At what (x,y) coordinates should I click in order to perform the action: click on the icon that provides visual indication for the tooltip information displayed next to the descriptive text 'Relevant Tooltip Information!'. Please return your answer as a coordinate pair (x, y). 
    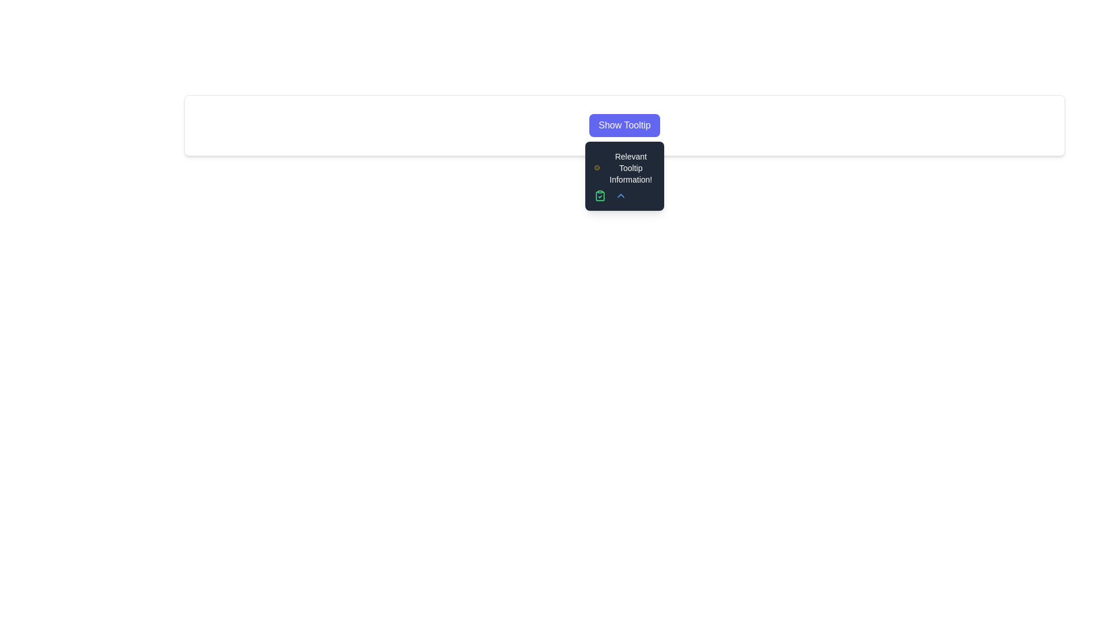
    Looking at the image, I should click on (597, 168).